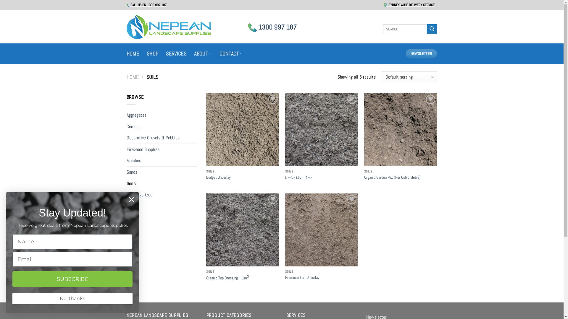 Image resolution: width=568 pixels, height=319 pixels. Describe the element at coordinates (432, 29) in the screenshot. I see `'Search'` at that location.